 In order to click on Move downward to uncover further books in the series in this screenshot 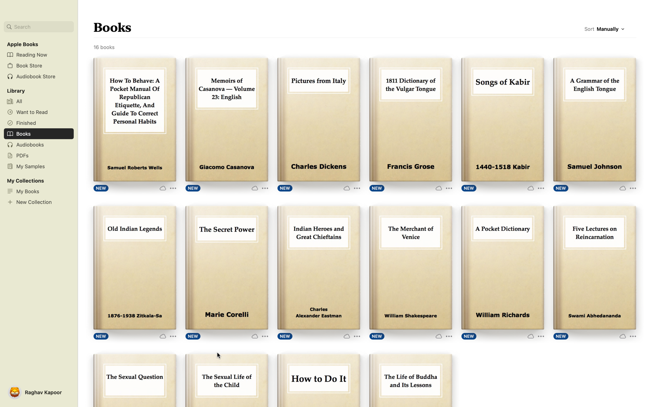, I will do `click(1227716, 466015)`.